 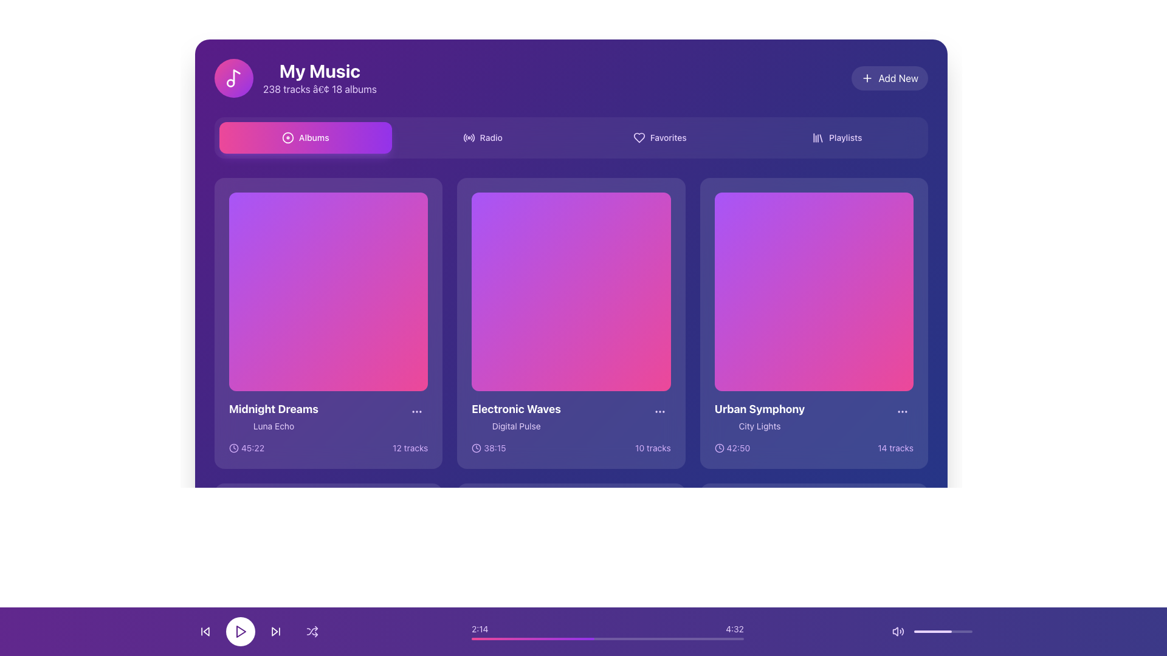 I want to click on the progress bar segment located near the bottom-right corner of the application interface, so click(x=932, y=631).